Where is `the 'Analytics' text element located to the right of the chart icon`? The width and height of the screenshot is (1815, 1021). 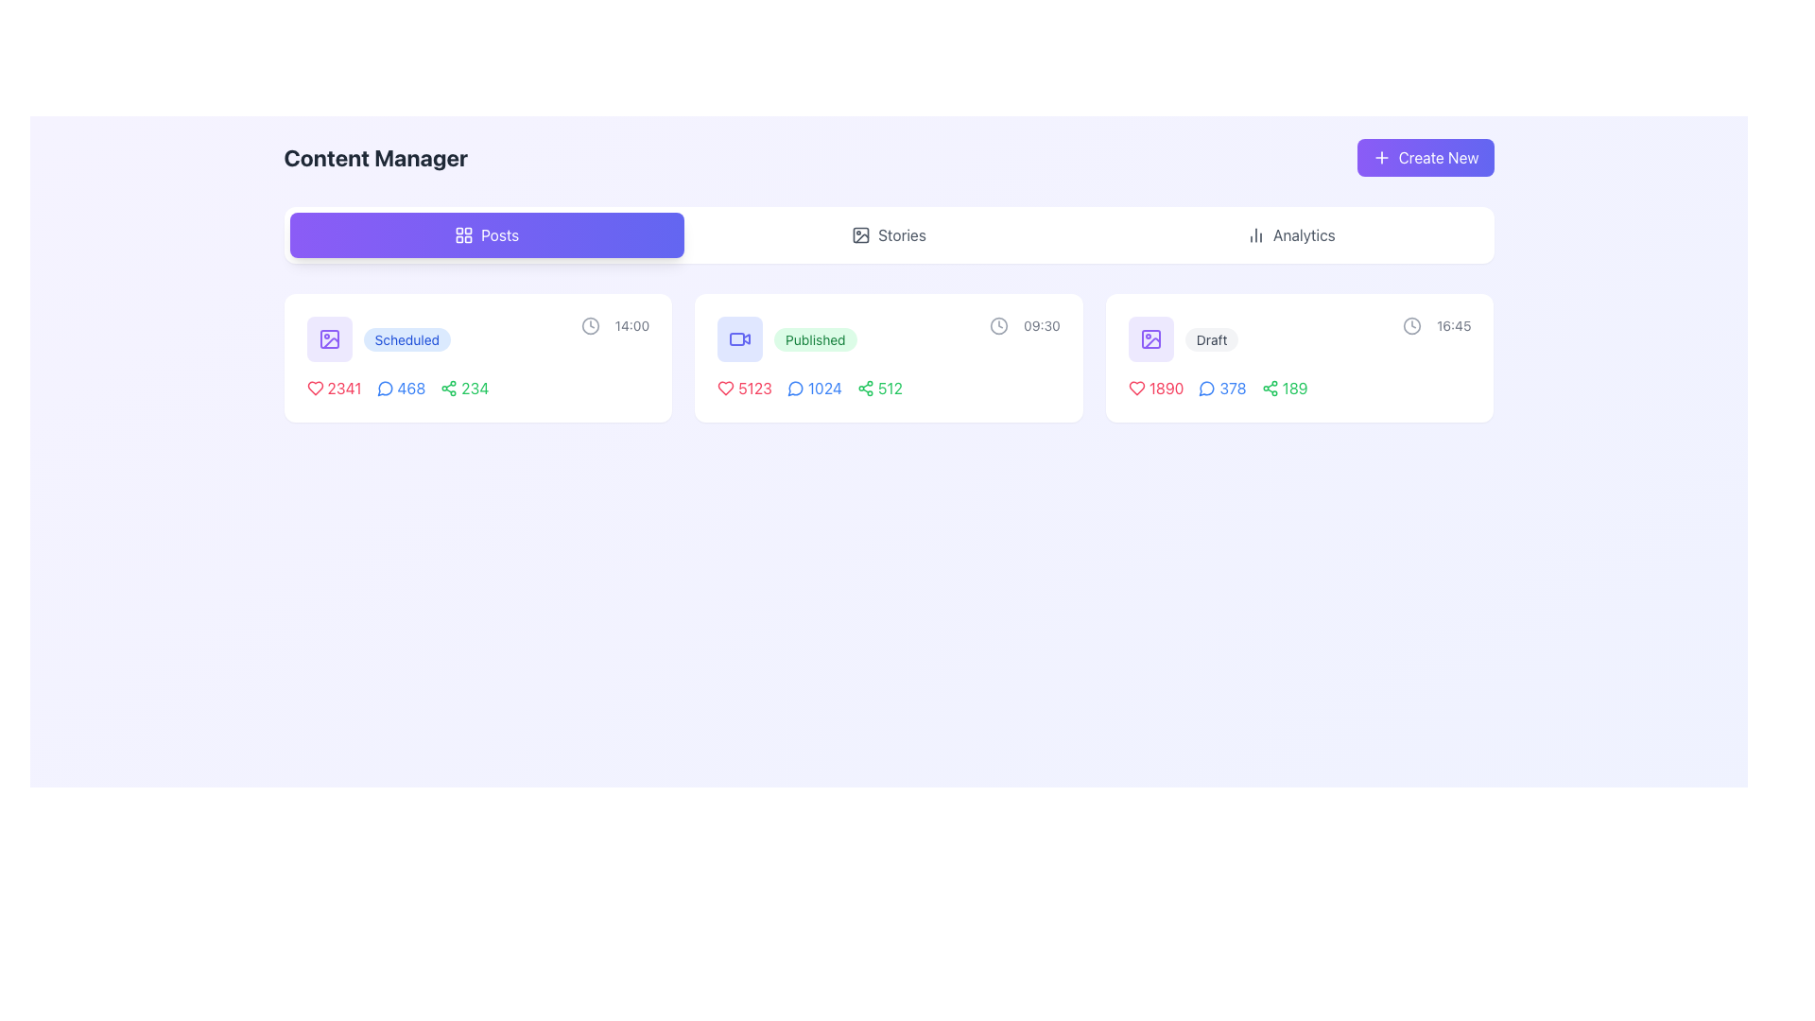 the 'Analytics' text element located to the right of the chart icon is located at coordinates (1303, 234).